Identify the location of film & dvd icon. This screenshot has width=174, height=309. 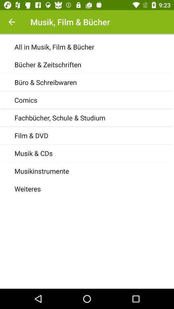
(94, 136).